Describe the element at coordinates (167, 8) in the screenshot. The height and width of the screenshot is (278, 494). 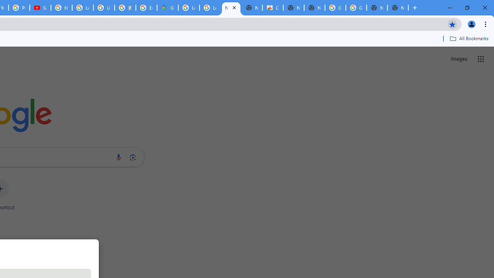
I see `'Google Maps'` at that location.